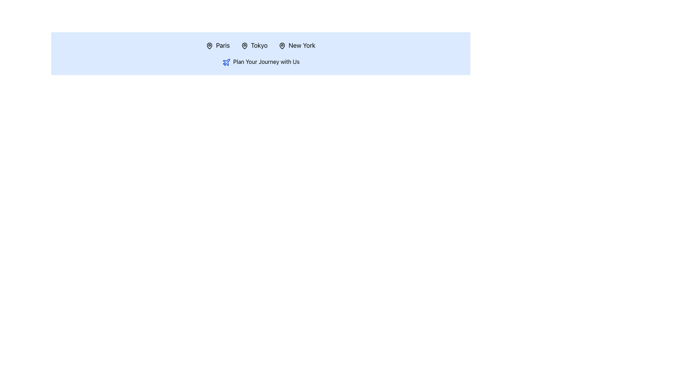 This screenshot has width=674, height=379. Describe the element at coordinates (226, 62) in the screenshot. I see `the flight icon located to the left of the text 'Plan Your Journey with Us' to enhance visual context and indicate travel` at that location.